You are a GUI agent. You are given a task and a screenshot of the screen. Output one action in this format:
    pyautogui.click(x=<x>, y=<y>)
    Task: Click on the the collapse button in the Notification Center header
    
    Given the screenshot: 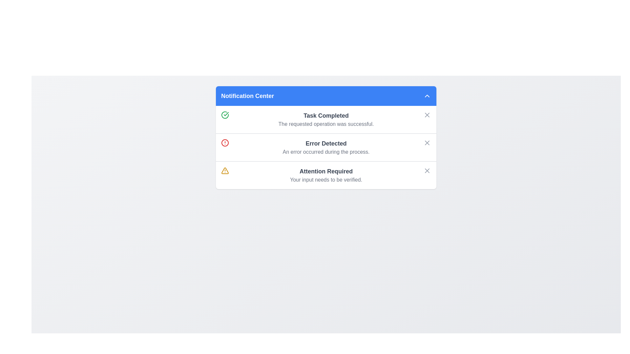 What is the action you would take?
    pyautogui.click(x=427, y=96)
    